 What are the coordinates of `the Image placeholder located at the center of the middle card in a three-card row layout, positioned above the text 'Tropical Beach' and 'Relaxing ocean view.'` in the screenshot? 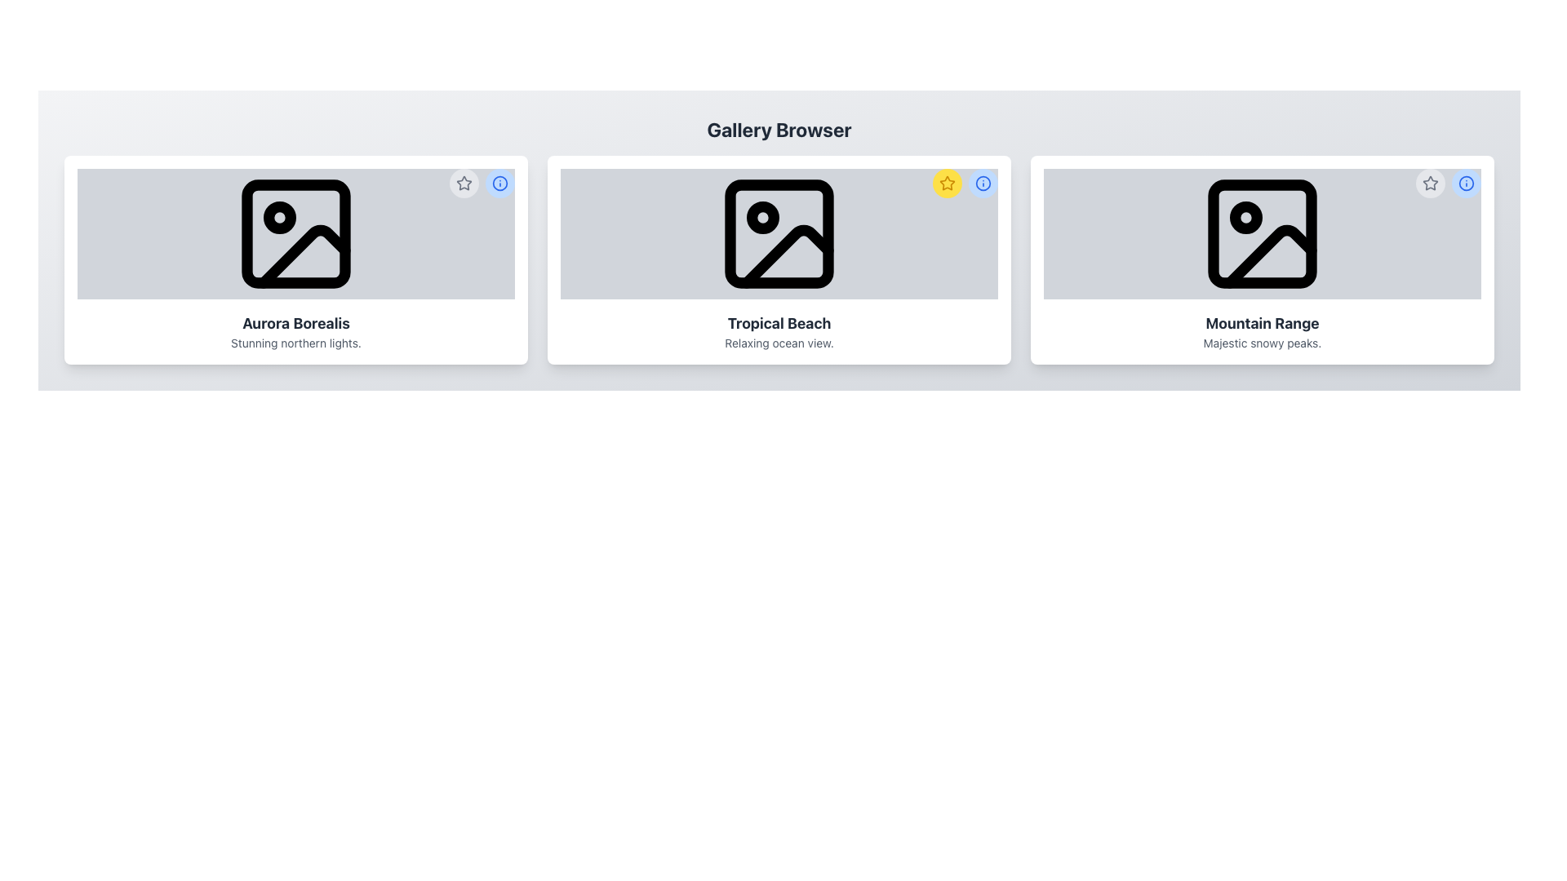 It's located at (779, 233).